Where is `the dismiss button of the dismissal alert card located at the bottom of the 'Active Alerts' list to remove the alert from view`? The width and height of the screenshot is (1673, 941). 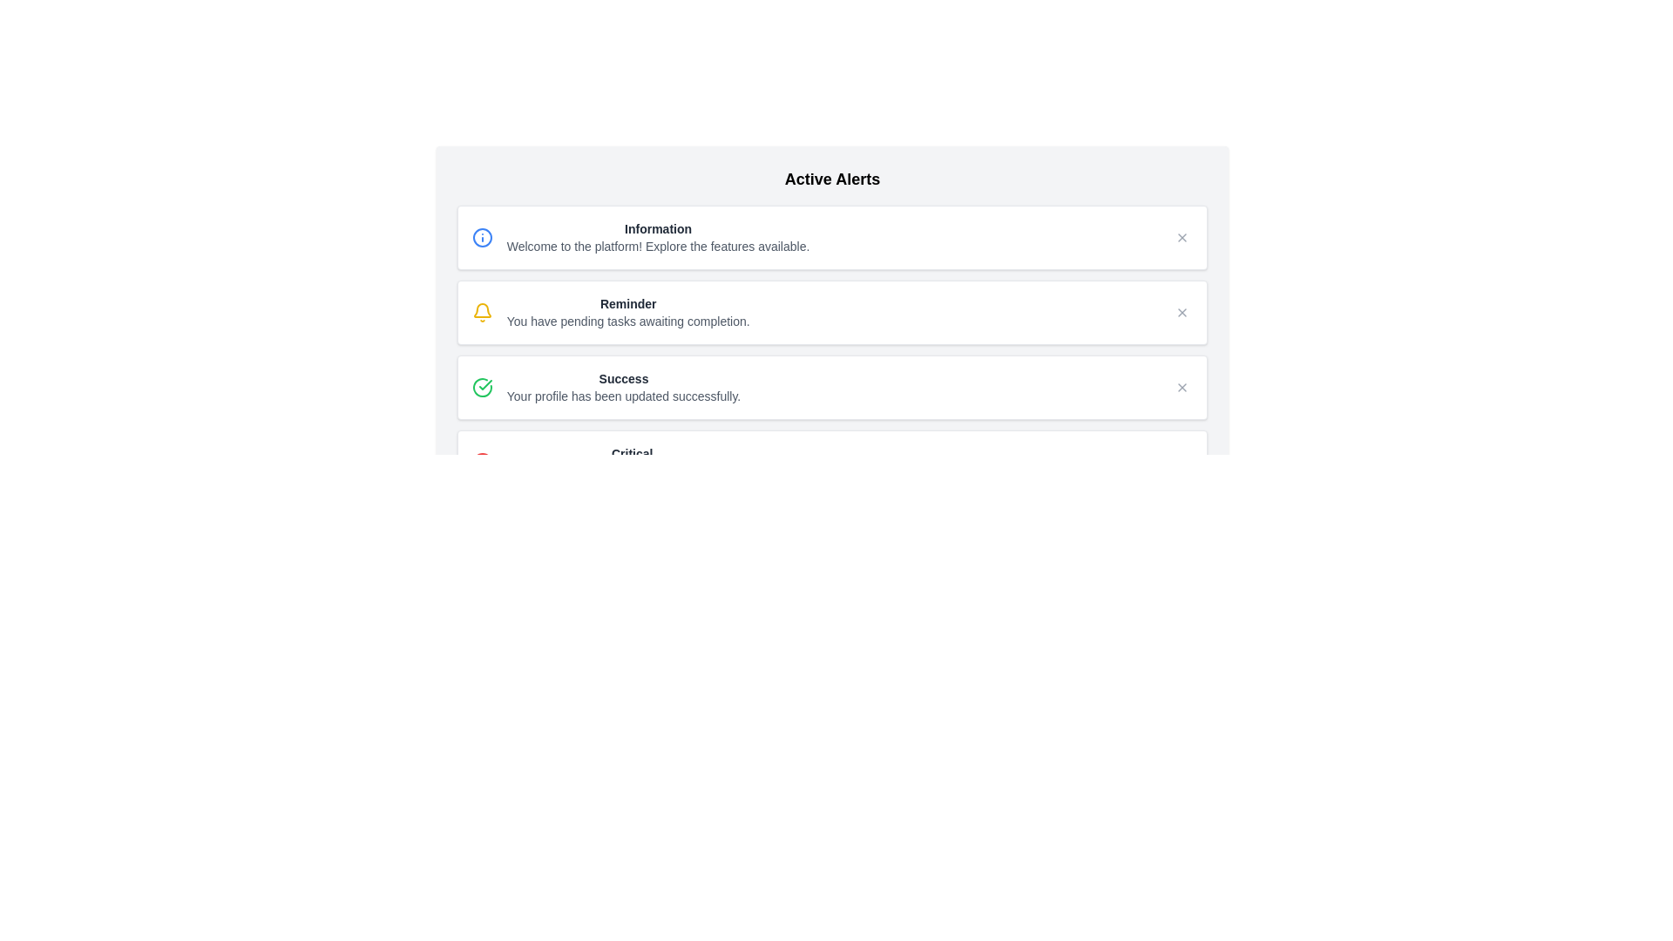
the dismiss button of the dismissal alert card located at the bottom of the 'Active Alerts' list to remove the alert from view is located at coordinates (831, 462).